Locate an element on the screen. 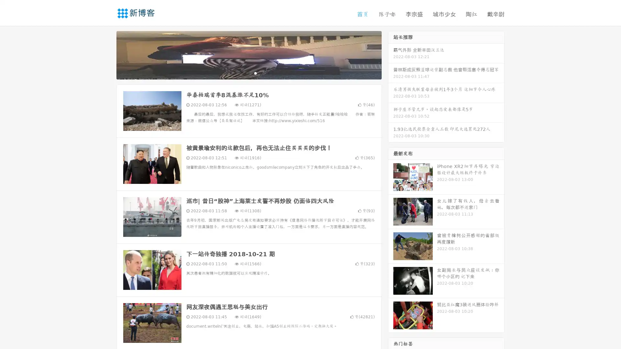 This screenshot has width=621, height=349. Previous slide is located at coordinates (107, 54).